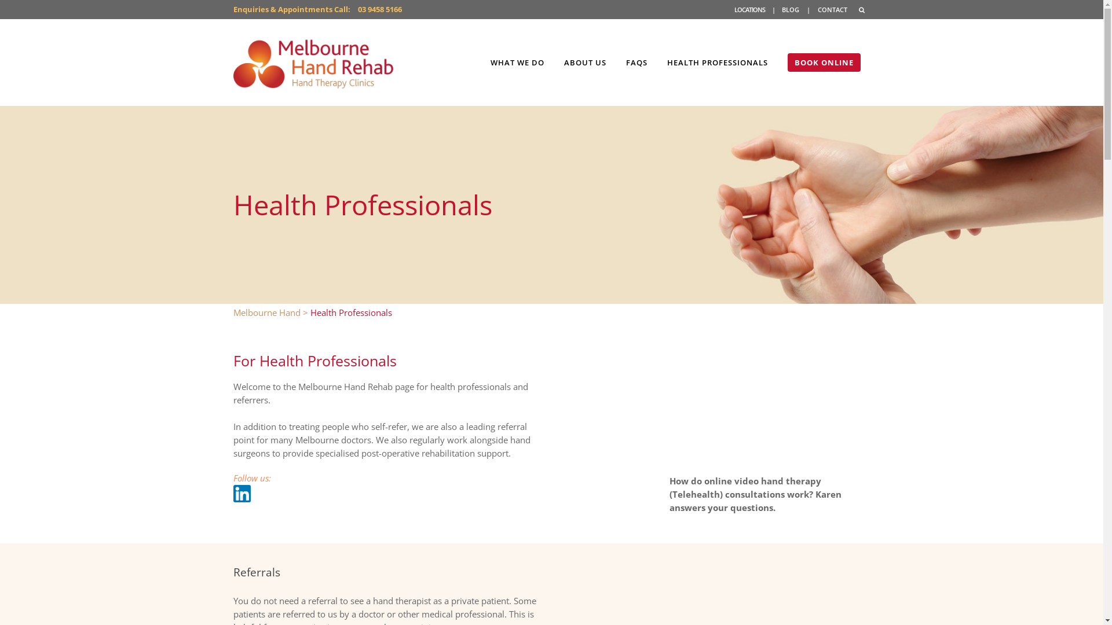  What do you see at coordinates (716, 62) in the screenshot?
I see `'HEALTH PROFESSIONALS'` at bounding box center [716, 62].